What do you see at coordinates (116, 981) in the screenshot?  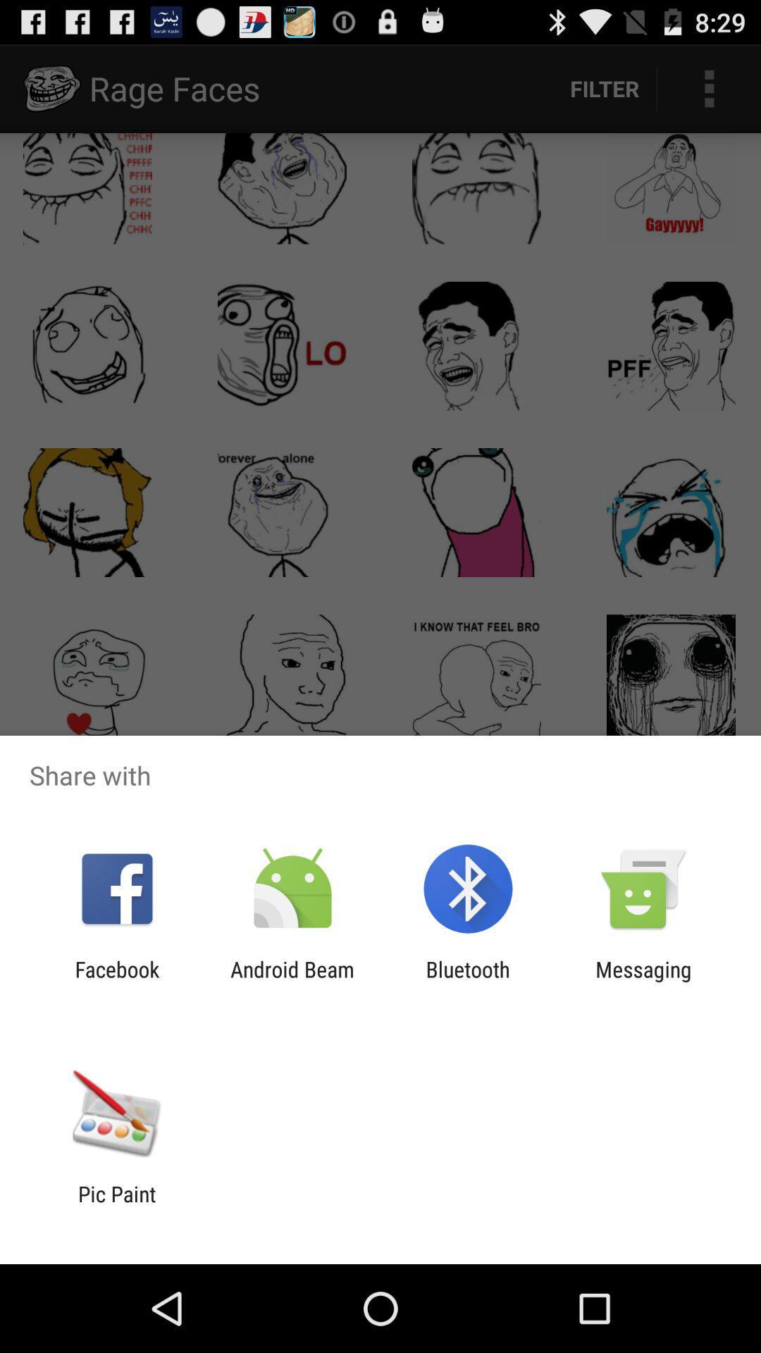 I see `item to the left of the android beam` at bounding box center [116, 981].